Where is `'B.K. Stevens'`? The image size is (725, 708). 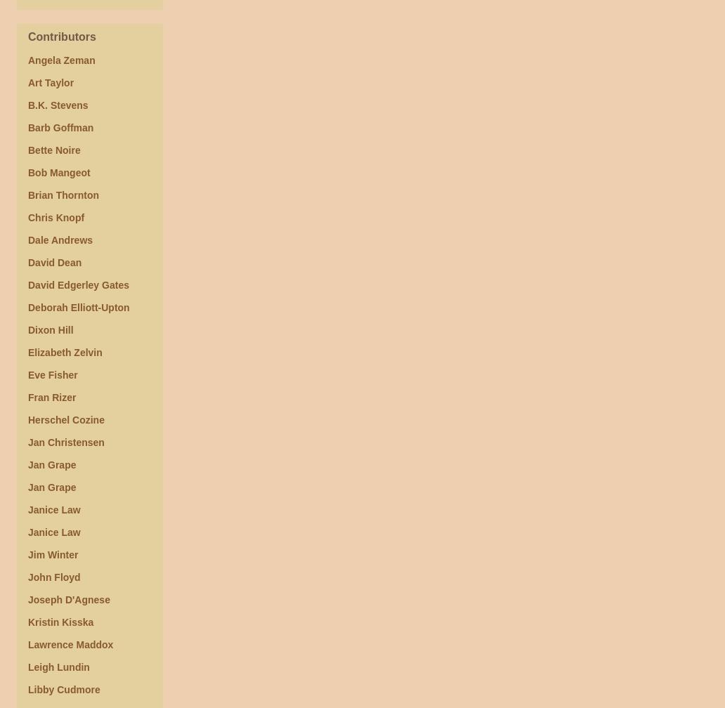
'B.K. Stevens' is located at coordinates (58, 105).